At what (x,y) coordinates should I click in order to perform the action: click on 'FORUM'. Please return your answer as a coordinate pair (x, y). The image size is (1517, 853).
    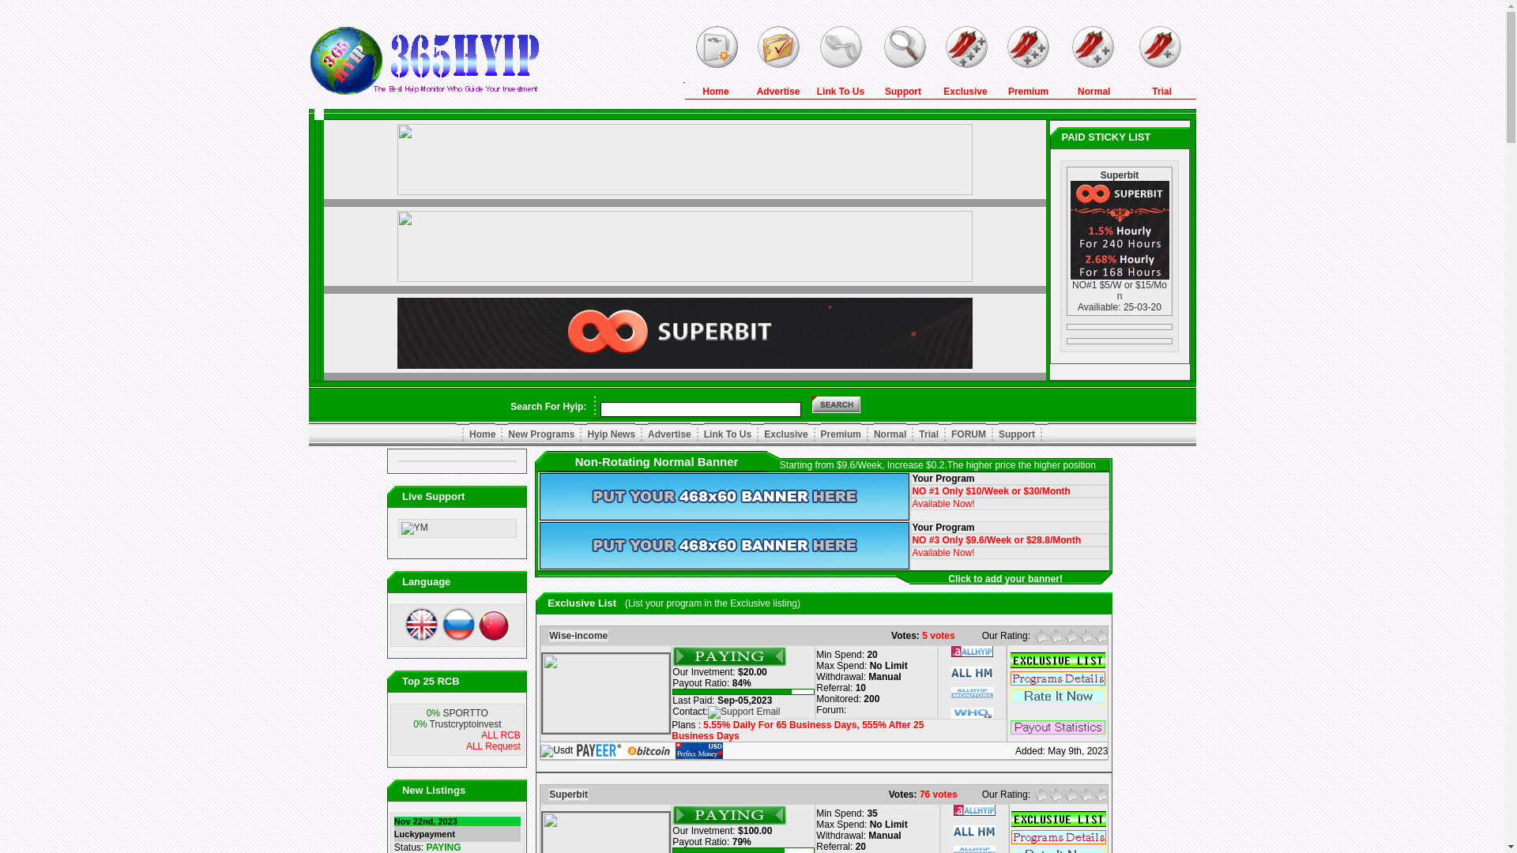
    Looking at the image, I should click on (967, 434).